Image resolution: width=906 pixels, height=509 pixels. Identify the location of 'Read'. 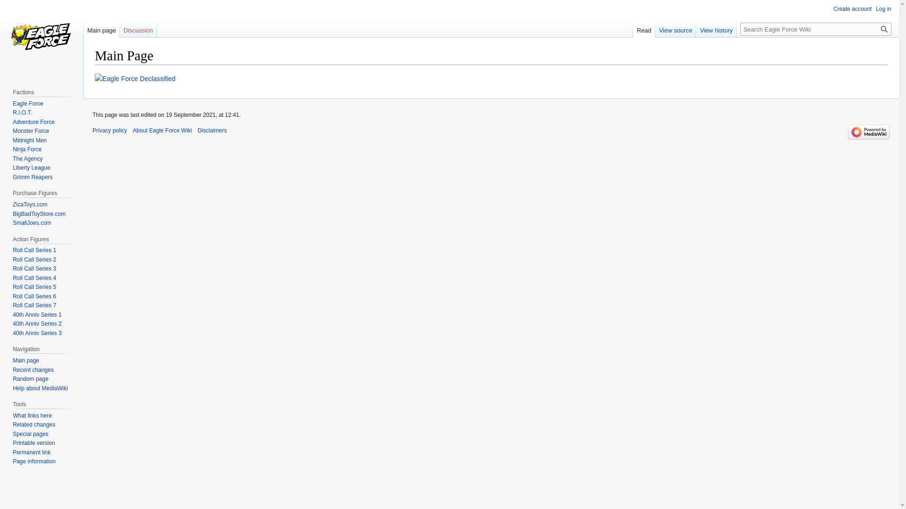
(633, 28).